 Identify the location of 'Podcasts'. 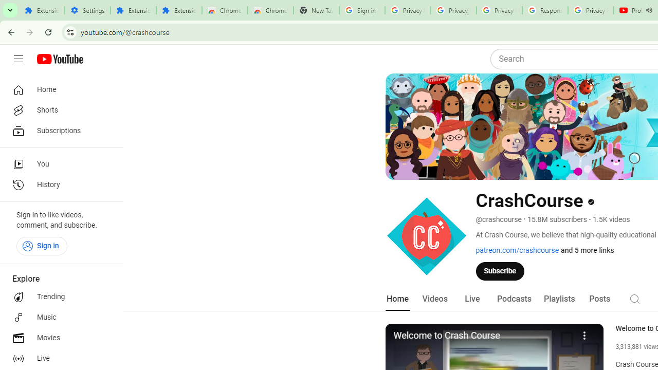
(514, 299).